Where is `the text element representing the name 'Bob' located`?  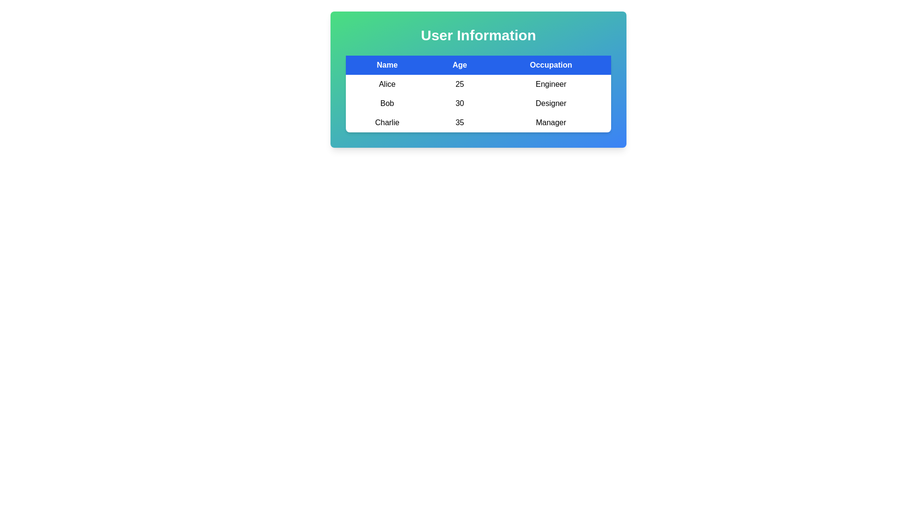 the text element representing the name 'Bob' located is located at coordinates (387, 104).